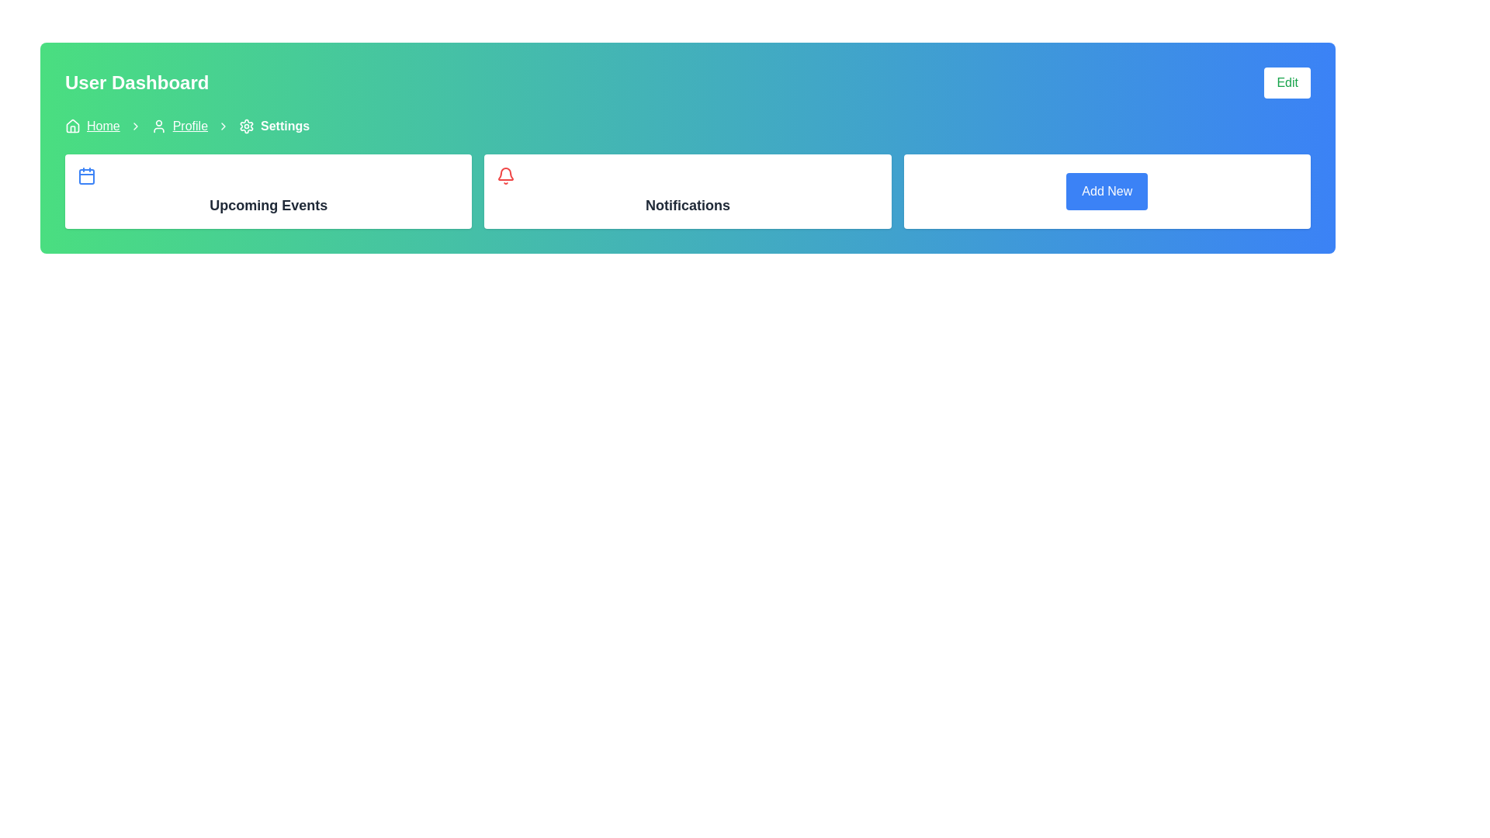  Describe the element at coordinates (179, 125) in the screenshot. I see `the interactive link for the Profile section, which is the second item` at that location.